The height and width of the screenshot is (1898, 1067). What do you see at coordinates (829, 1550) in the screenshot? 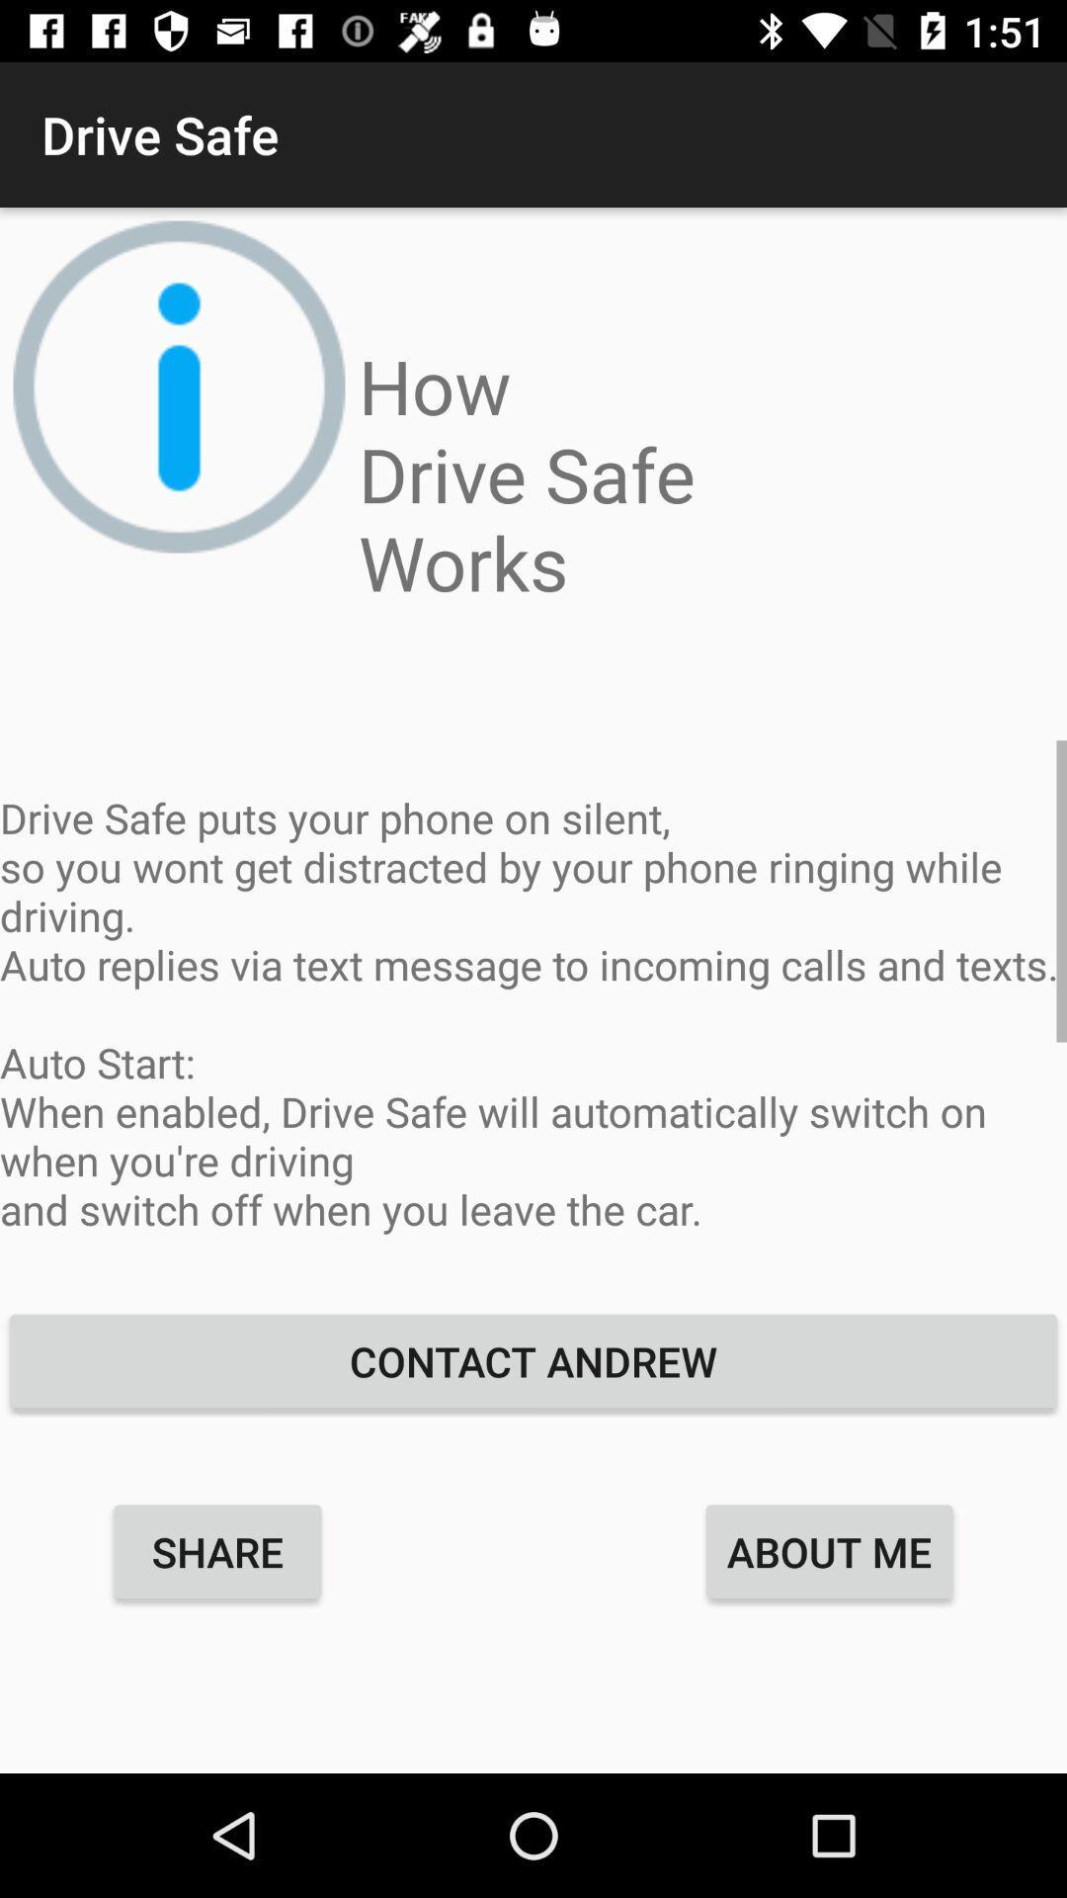
I see `icon below the contact andrew icon` at bounding box center [829, 1550].